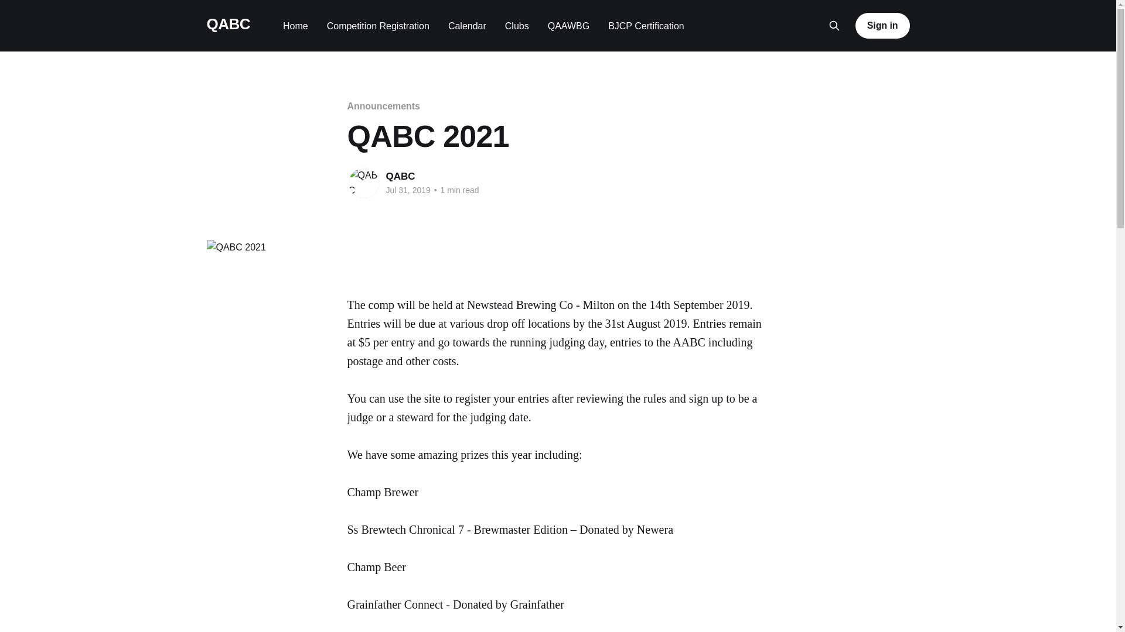  What do you see at coordinates (295, 26) in the screenshot?
I see `'Home'` at bounding box center [295, 26].